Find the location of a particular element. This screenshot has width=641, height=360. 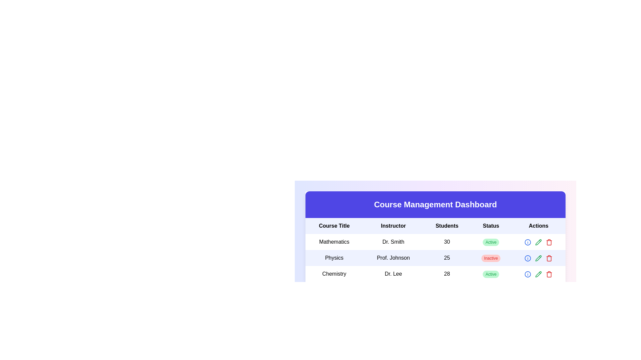

the 'Physics' text label, which is the first cell in a row displaying course details, aligned to the left and centered vertically within its background is located at coordinates (334, 258).